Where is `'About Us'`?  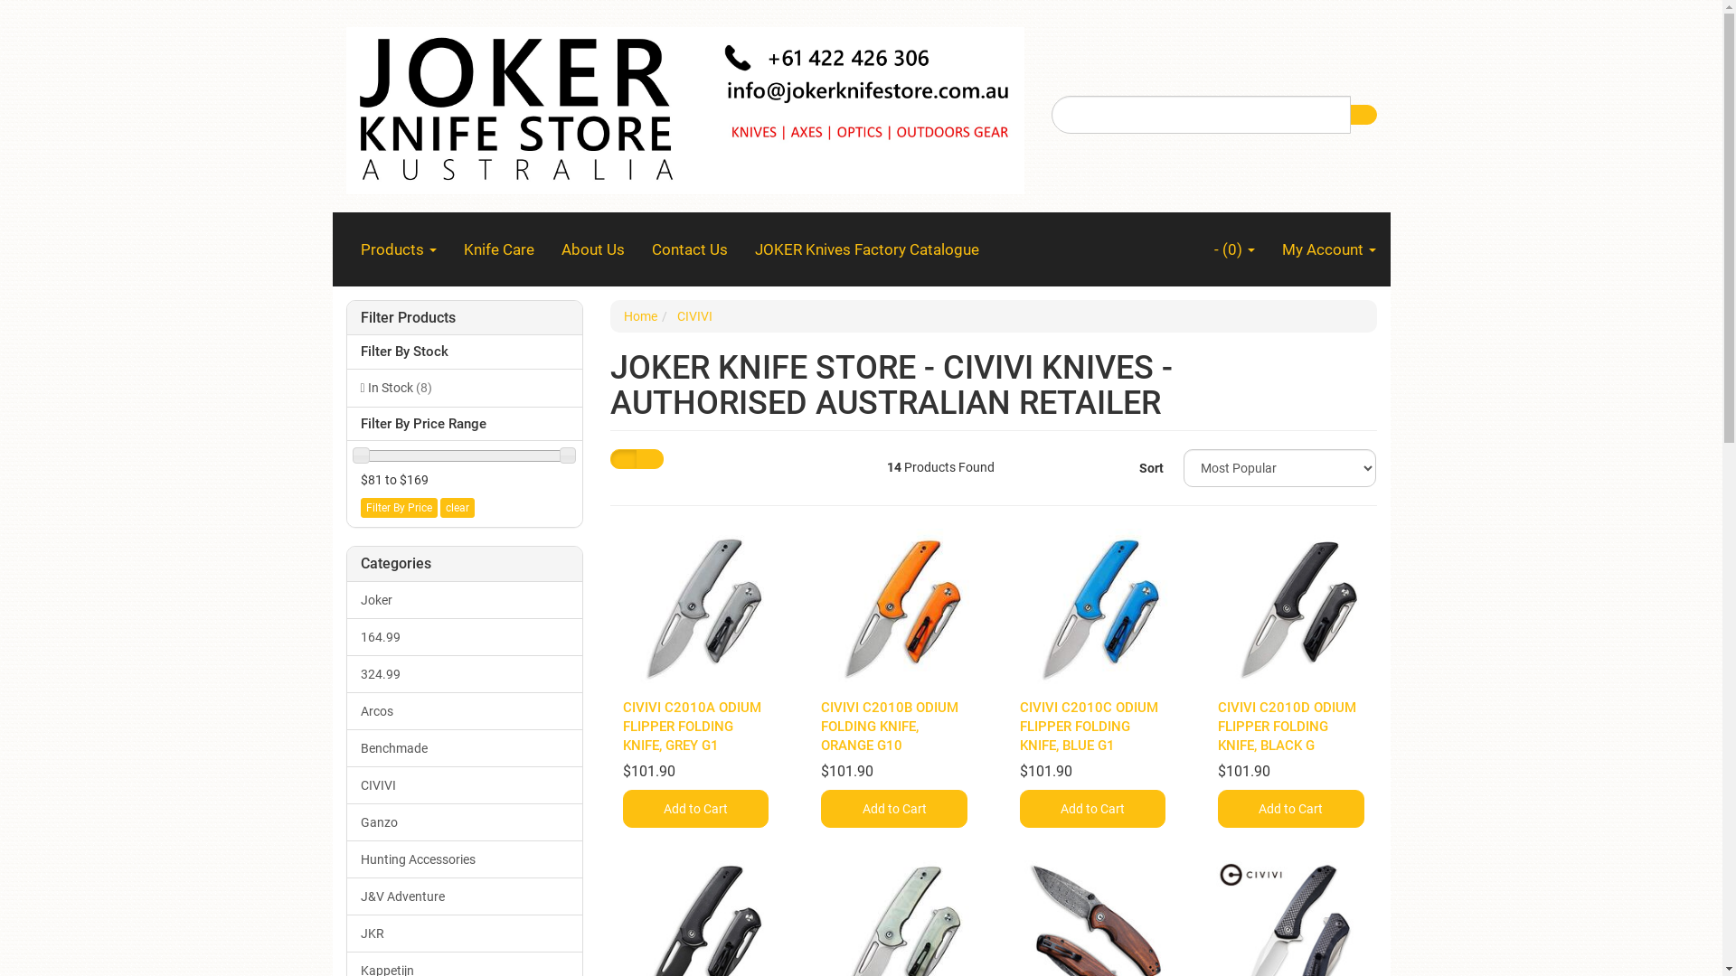
'About Us' is located at coordinates (546, 249).